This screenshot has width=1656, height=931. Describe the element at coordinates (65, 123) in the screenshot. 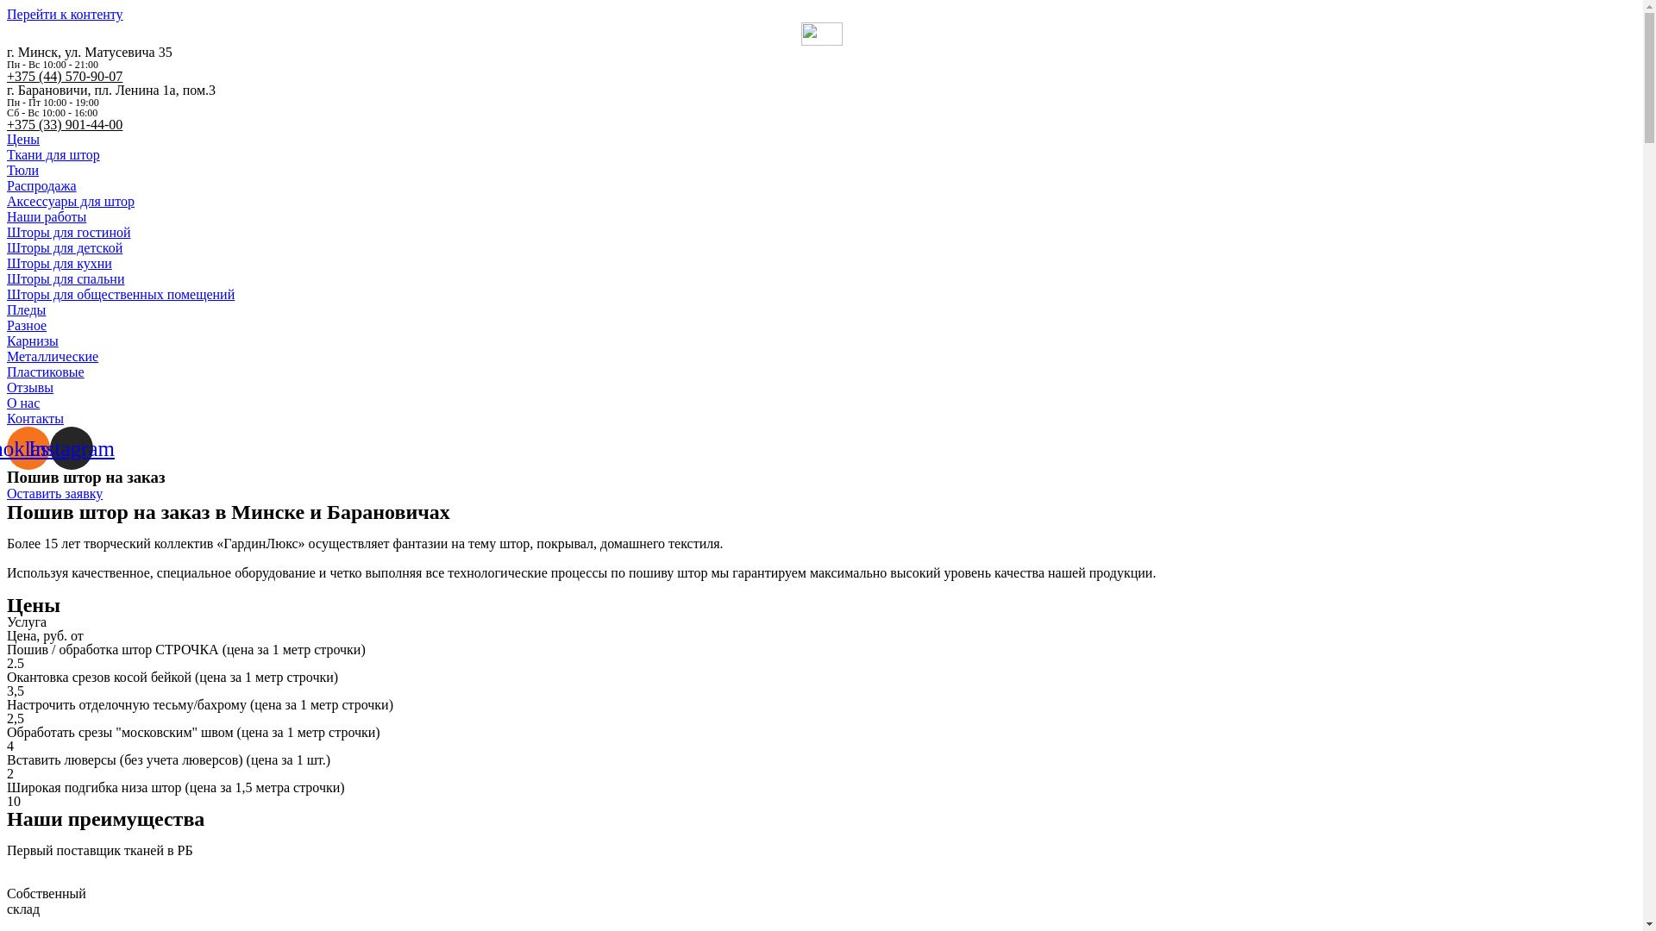

I see `'+375 (33) 901-44-00'` at that location.